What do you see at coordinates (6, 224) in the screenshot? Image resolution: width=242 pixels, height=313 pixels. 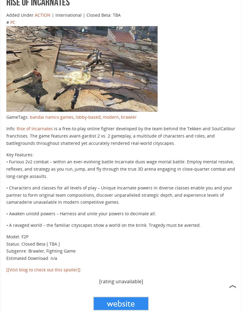 I see `'• A ravaged world – the familiar cityscapes show a world on the brink. Tragedy must be averted.'` at bounding box center [6, 224].